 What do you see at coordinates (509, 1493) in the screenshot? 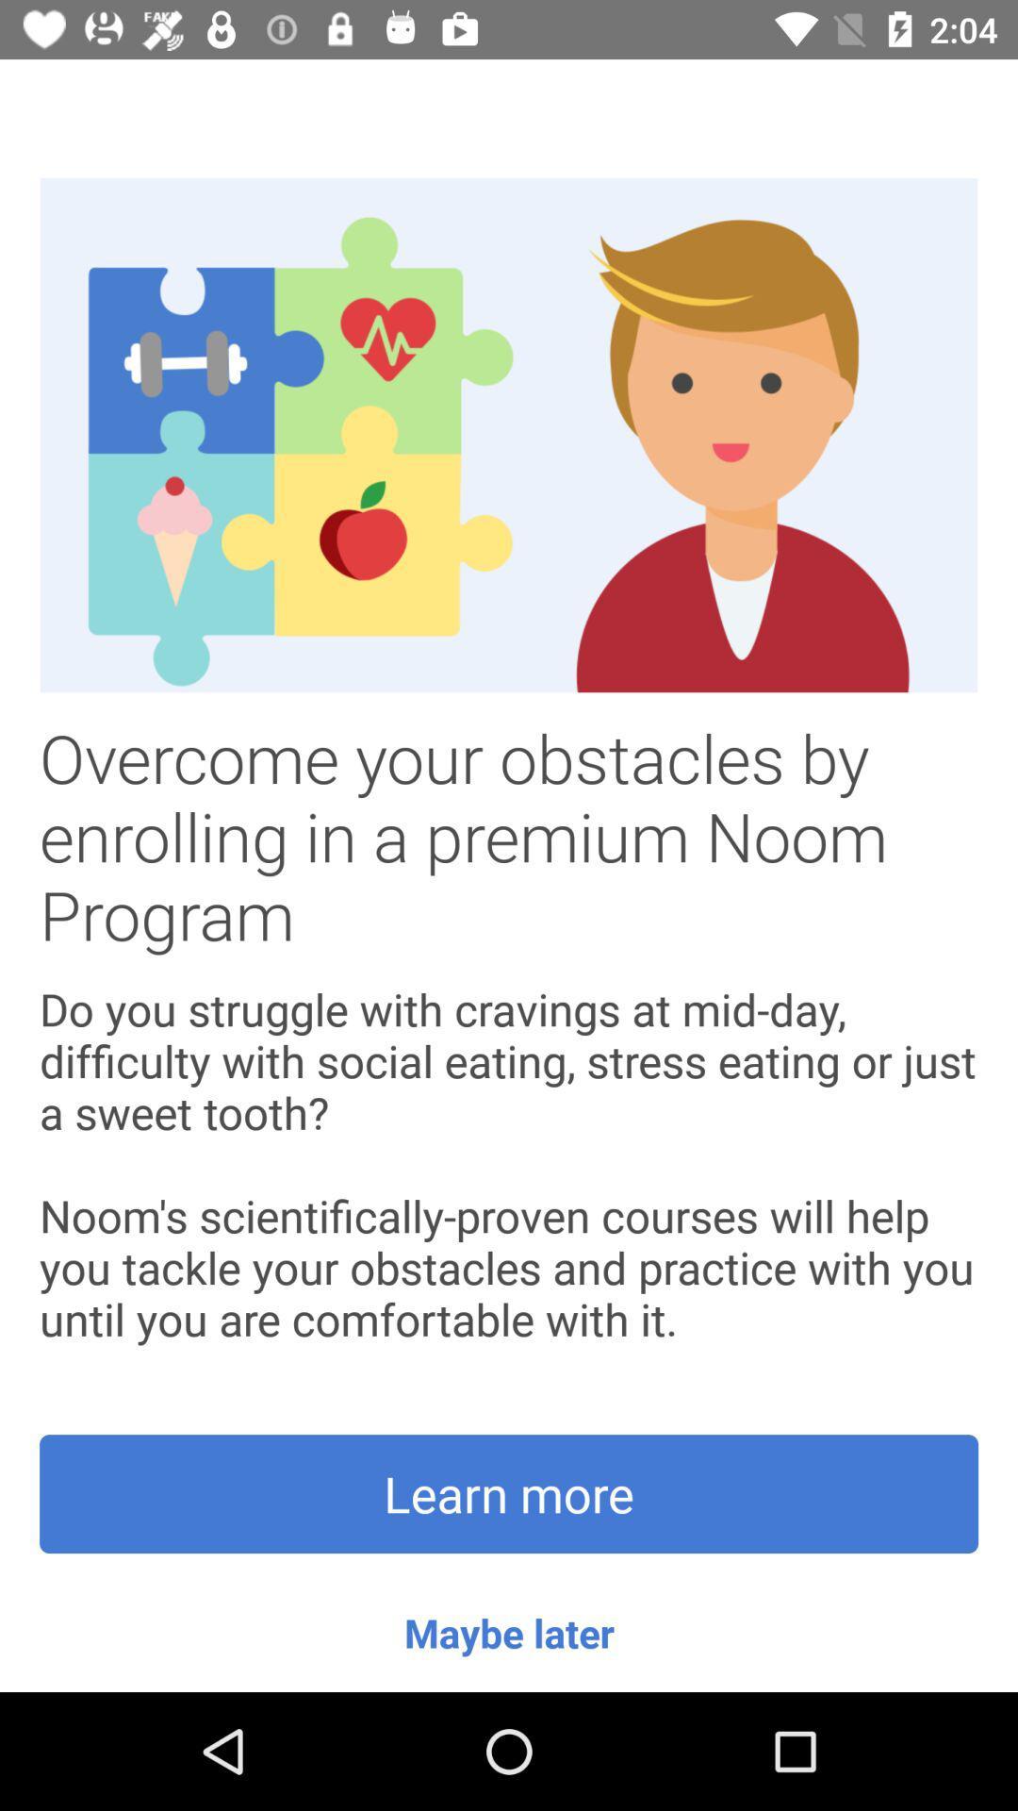
I see `the icon above maybe later item` at bounding box center [509, 1493].